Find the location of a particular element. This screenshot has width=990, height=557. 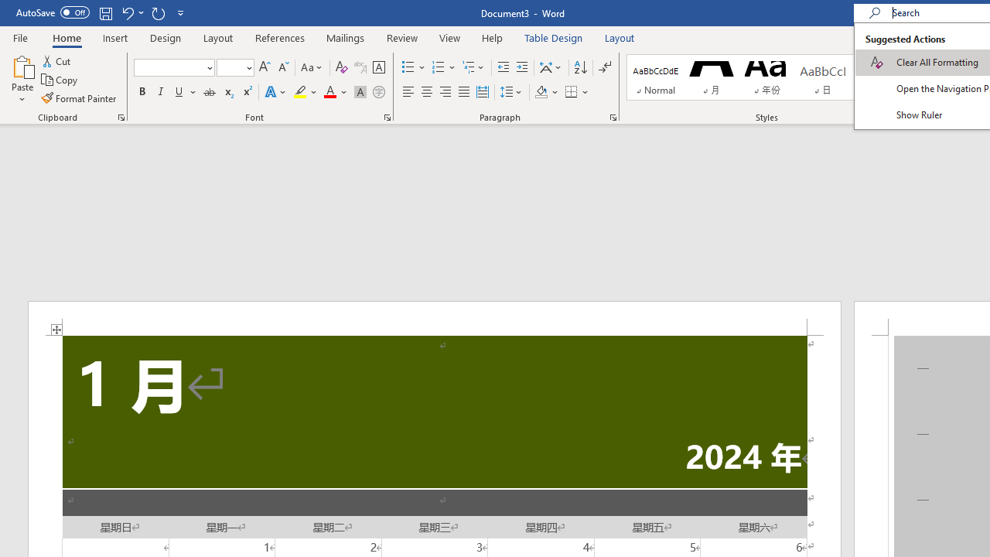

'Save' is located at coordinates (104, 12).